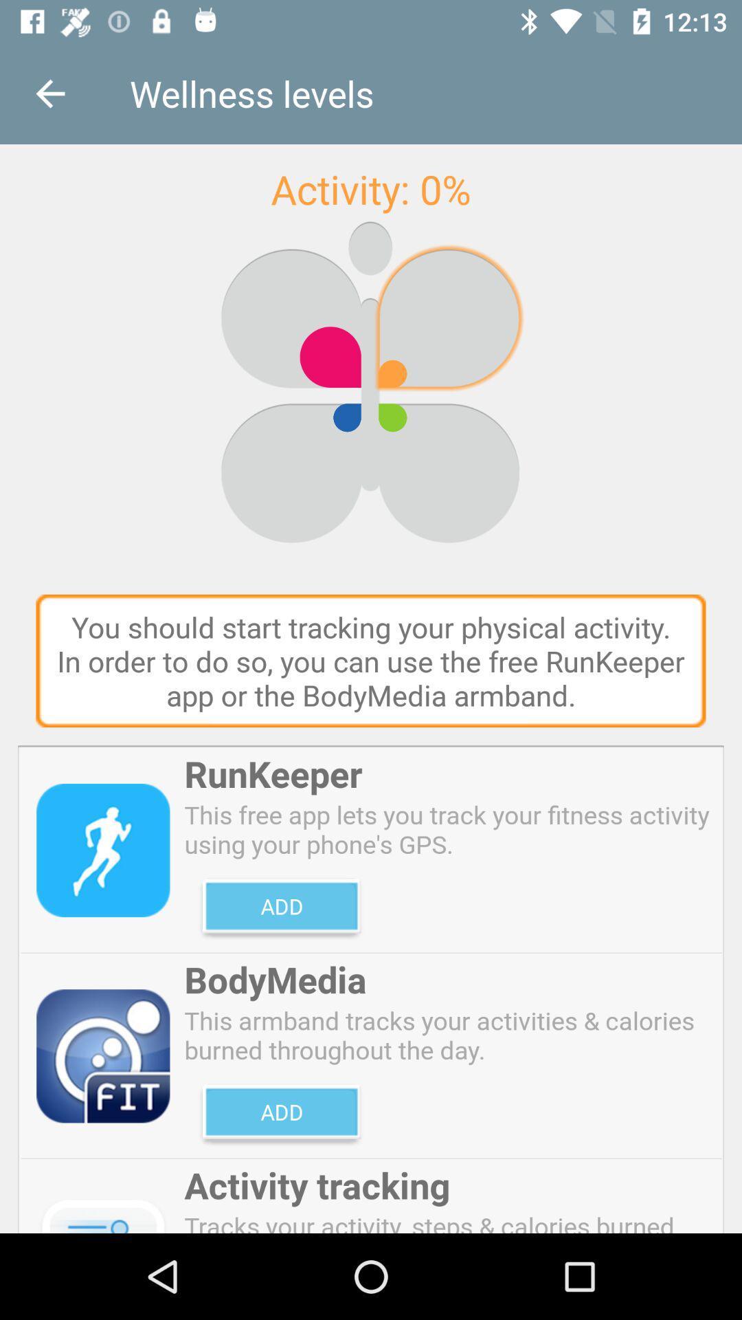 The image size is (742, 1320). I want to click on app to the left of wellness levels app, so click(49, 93).